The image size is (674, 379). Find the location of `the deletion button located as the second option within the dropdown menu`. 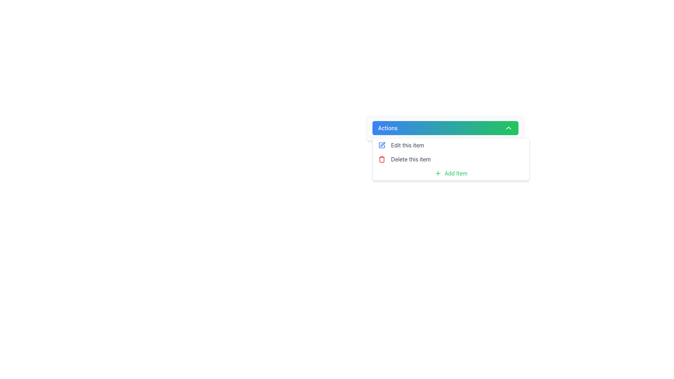

the deletion button located as the second option within the dropdown menu is located at coordinates (451, 159).